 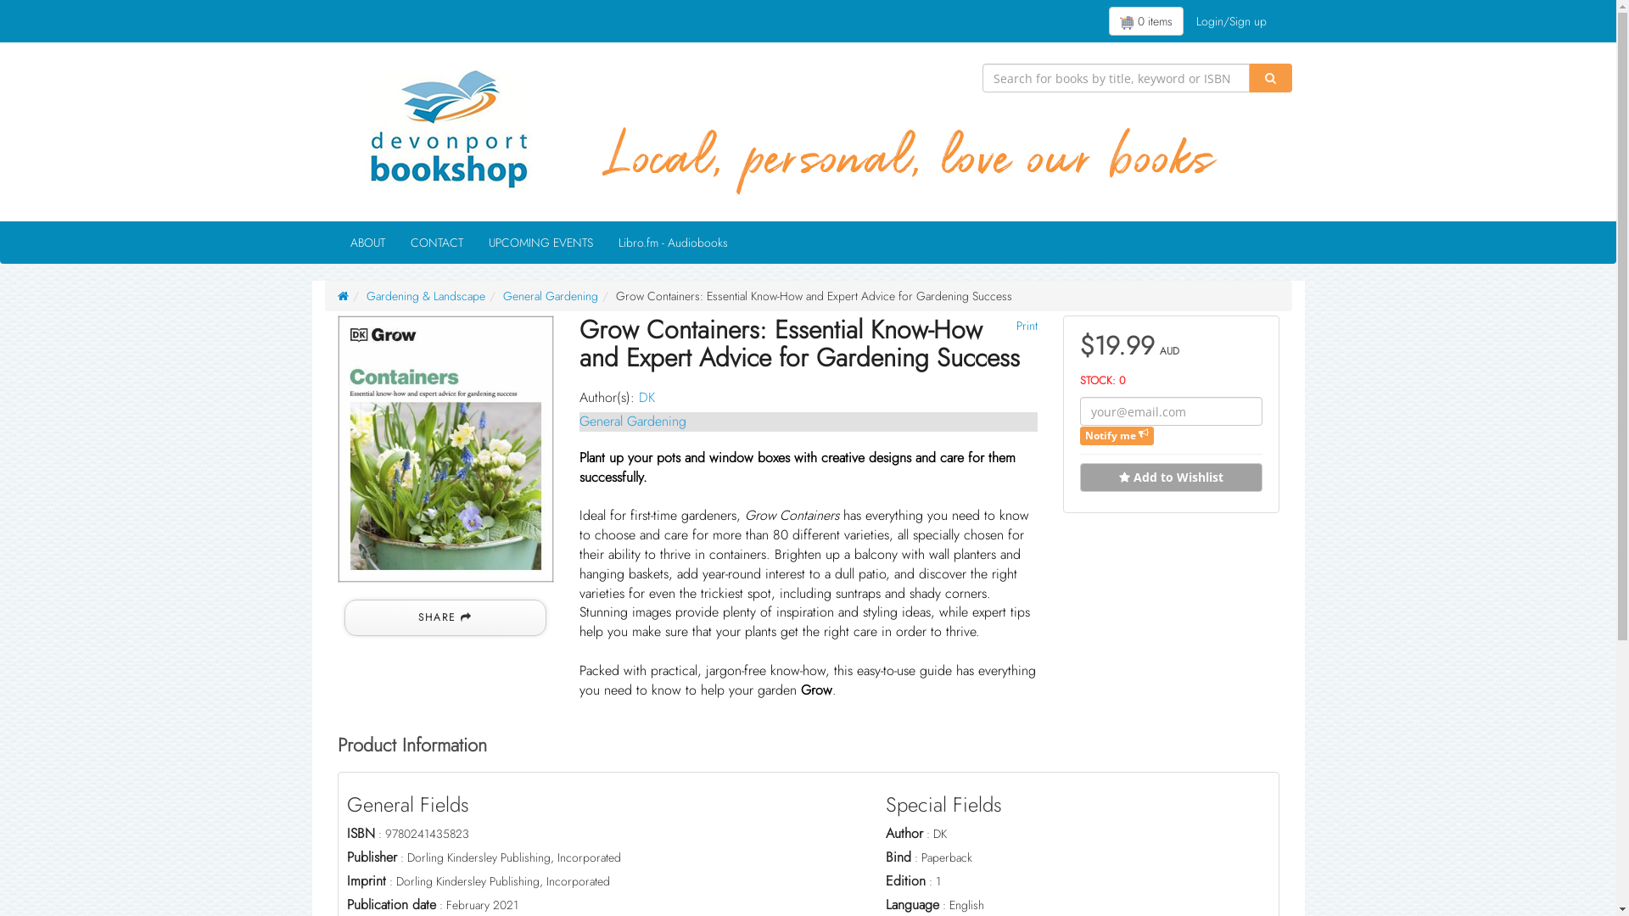 What do you see at coordinates (1145, 20) in the screenshot?
I see `'0 items'` at bounding box center [1145, 20].